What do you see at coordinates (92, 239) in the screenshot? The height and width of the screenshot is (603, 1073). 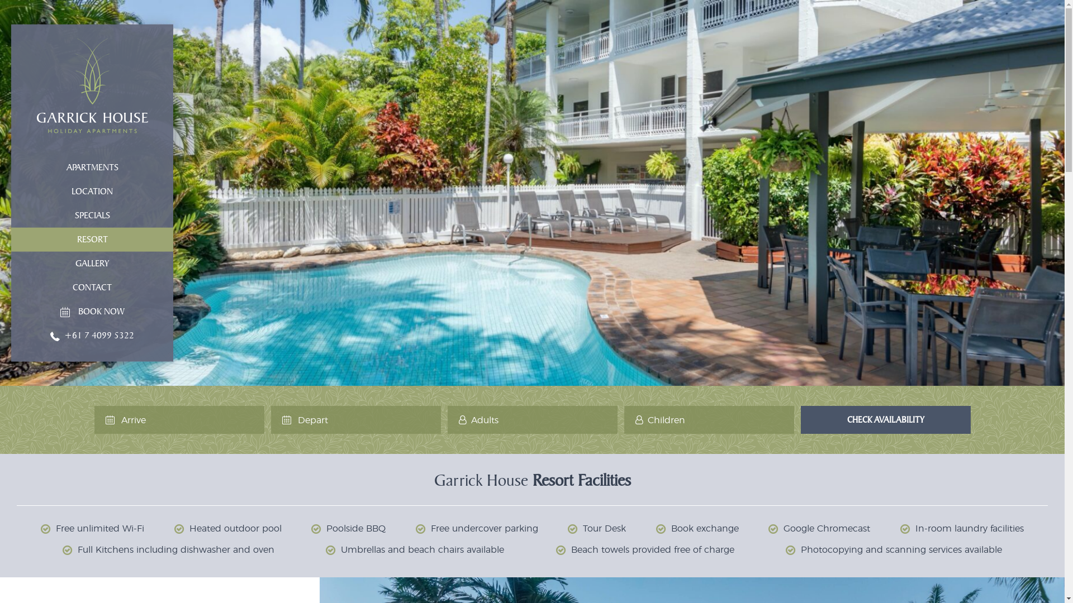 I see `'RESORT'` at bounding box center [92, 239].